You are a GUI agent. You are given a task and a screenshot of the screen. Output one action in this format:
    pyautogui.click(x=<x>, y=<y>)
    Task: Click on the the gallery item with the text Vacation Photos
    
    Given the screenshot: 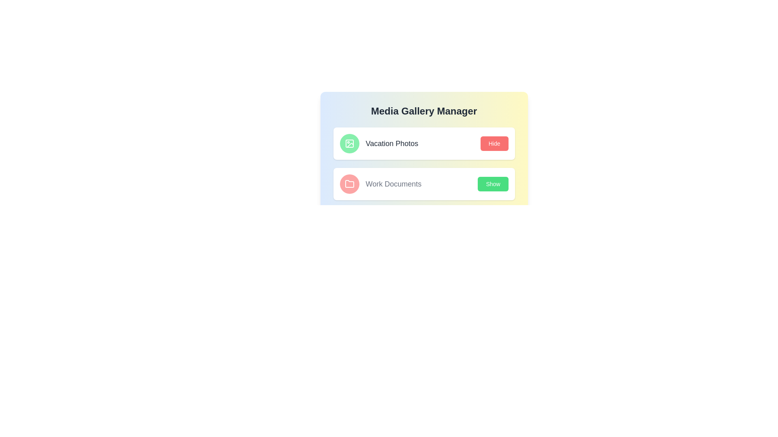 What is the action you would take?
    pyautogui.click(x=378, y=143)
    